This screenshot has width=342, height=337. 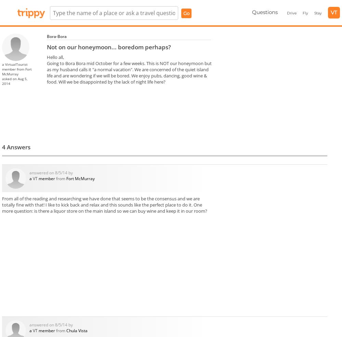 What do you see at coordinates (305, 13) in the screenshot?
I see `'Fly'` at bounding box center [305, 13].